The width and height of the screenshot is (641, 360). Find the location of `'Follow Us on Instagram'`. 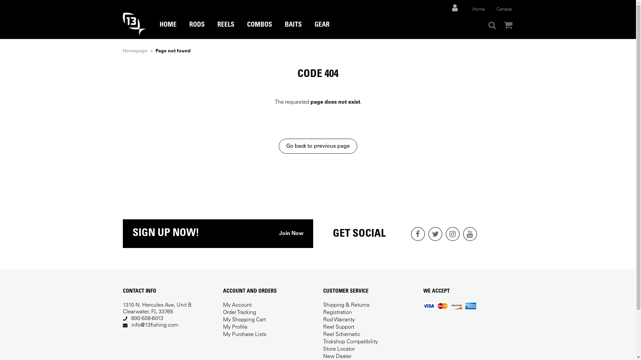

'Follow Us on Instagram' is located at coordinates (452, 234).